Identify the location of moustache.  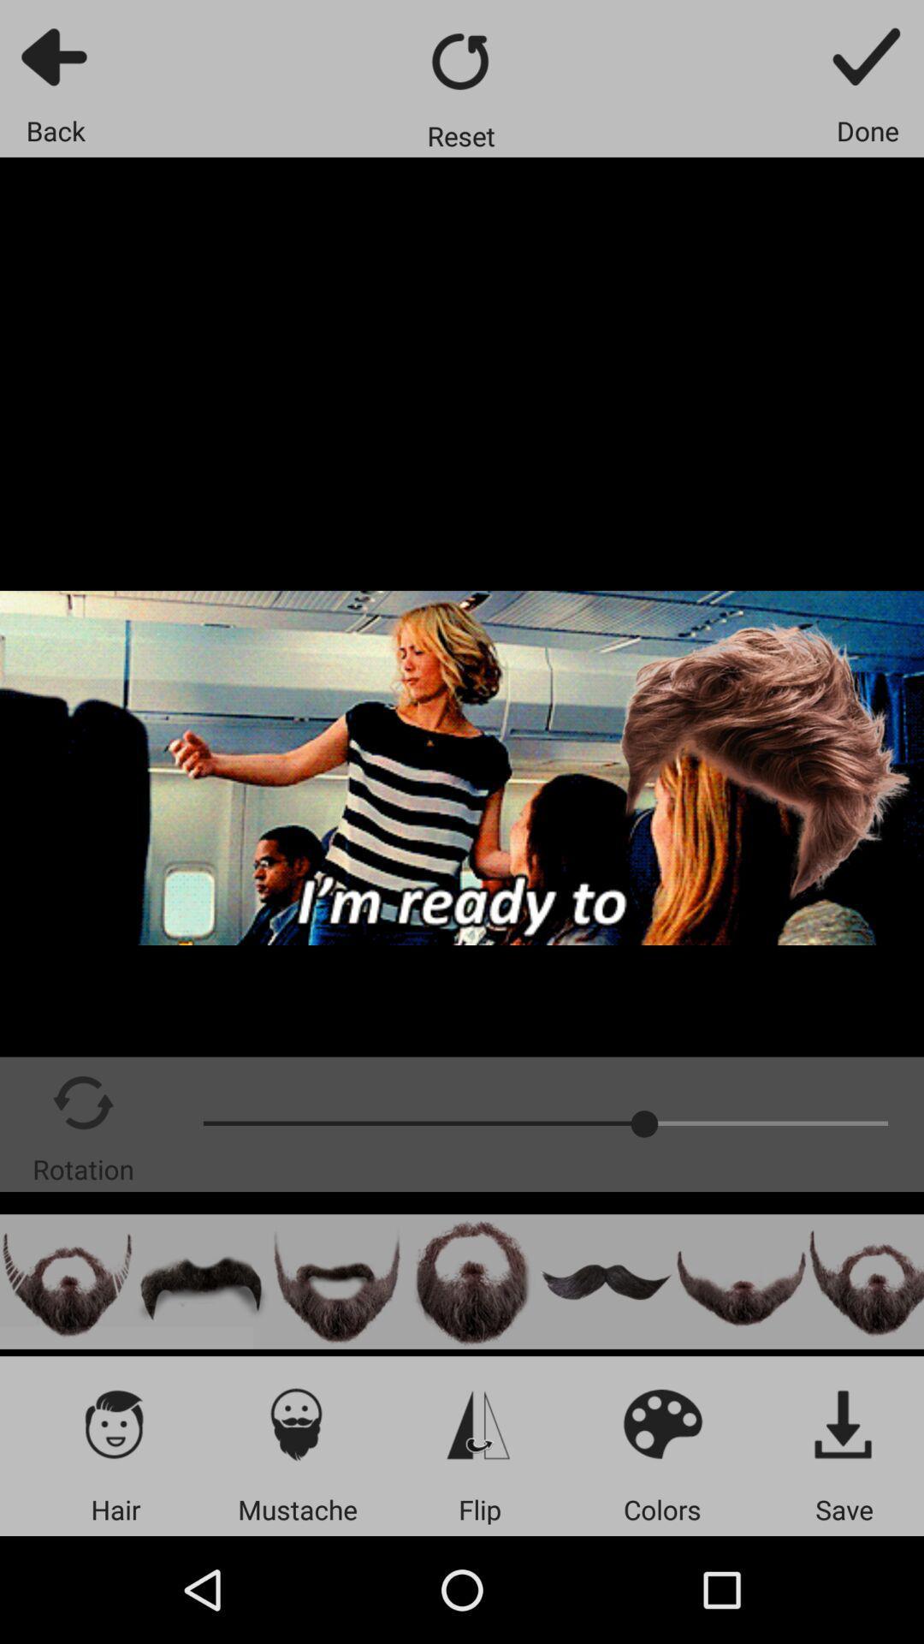
(201, 1282).